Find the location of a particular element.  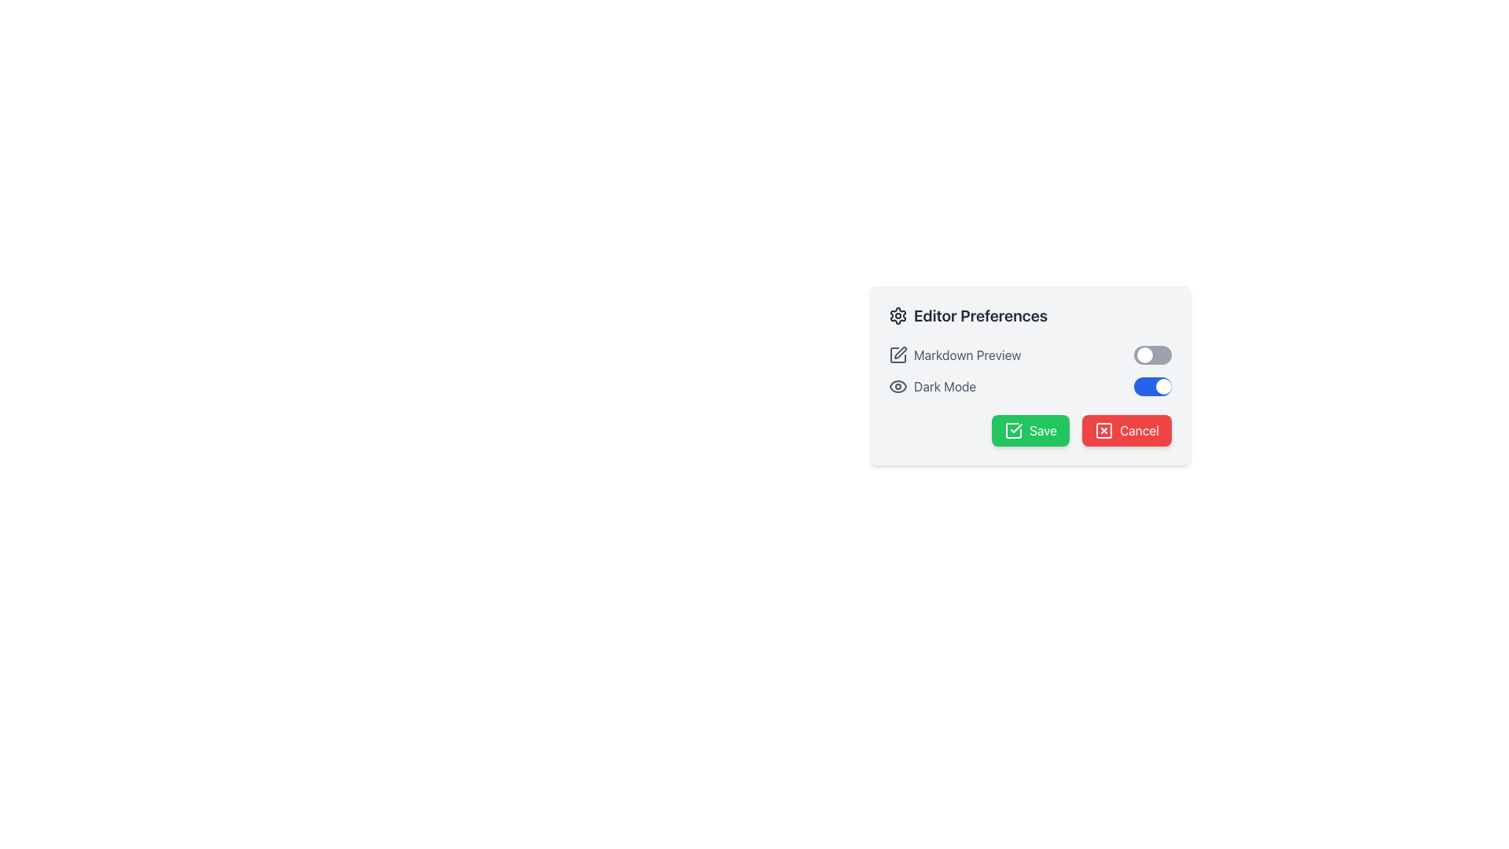

the toggle switch with a blue background and a circular white handle located in the bottom-right corner of the 'Editor Preferences' pop-up, on the same row as the 'Dark Mode' label to switch states is located at coordinates (1153, 387).